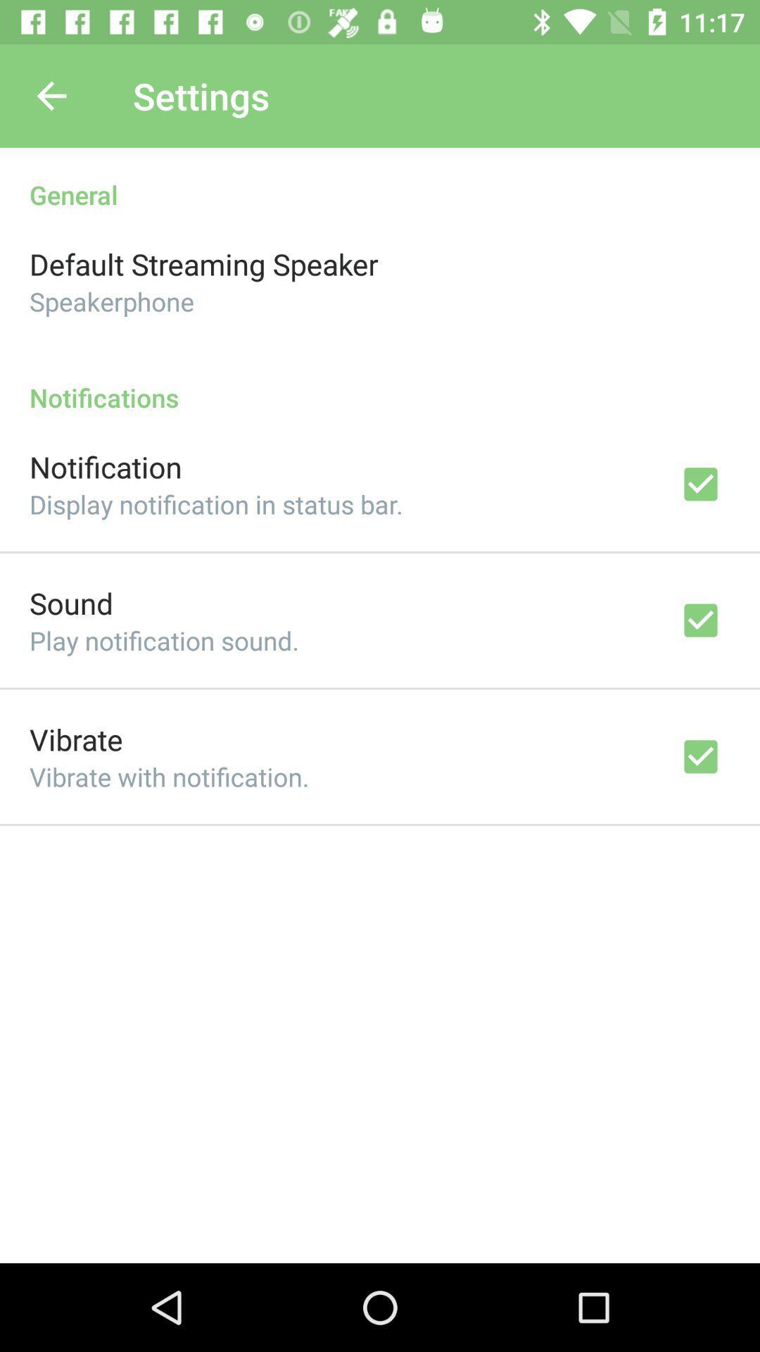  What do you see at coordinates (380, 382) in the screenshot?
I see `the icon below speakerphone icon` at bounding box center [380, 382].